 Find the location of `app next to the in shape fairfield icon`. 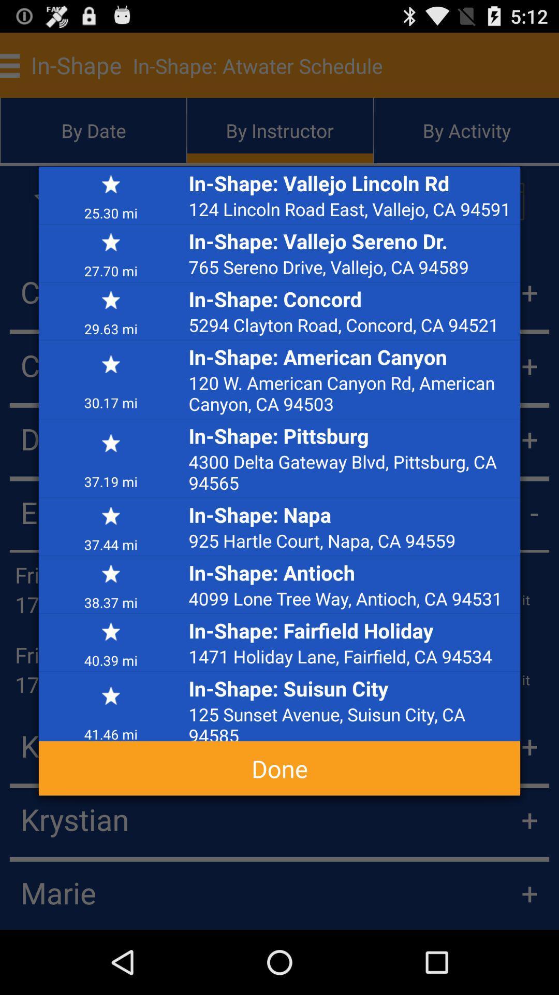

app next to the in shape fairfield icon is located at coordinates (111, 659).